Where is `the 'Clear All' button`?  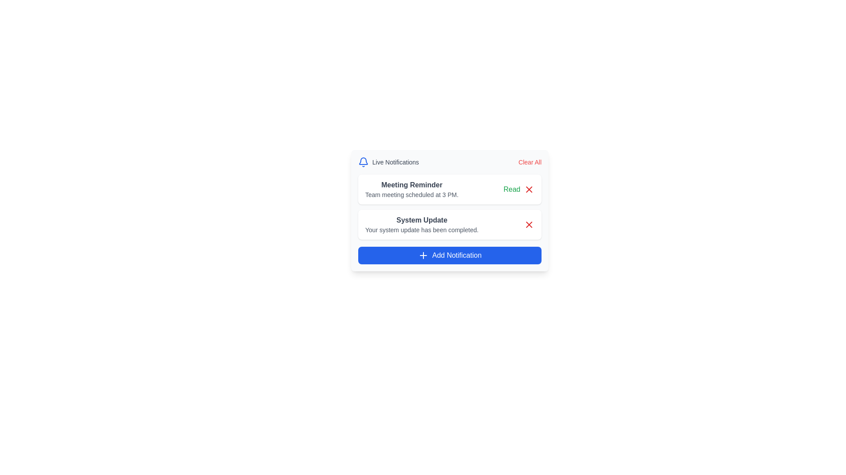
the 'Clear All' button is located at coordinates (529, 162).